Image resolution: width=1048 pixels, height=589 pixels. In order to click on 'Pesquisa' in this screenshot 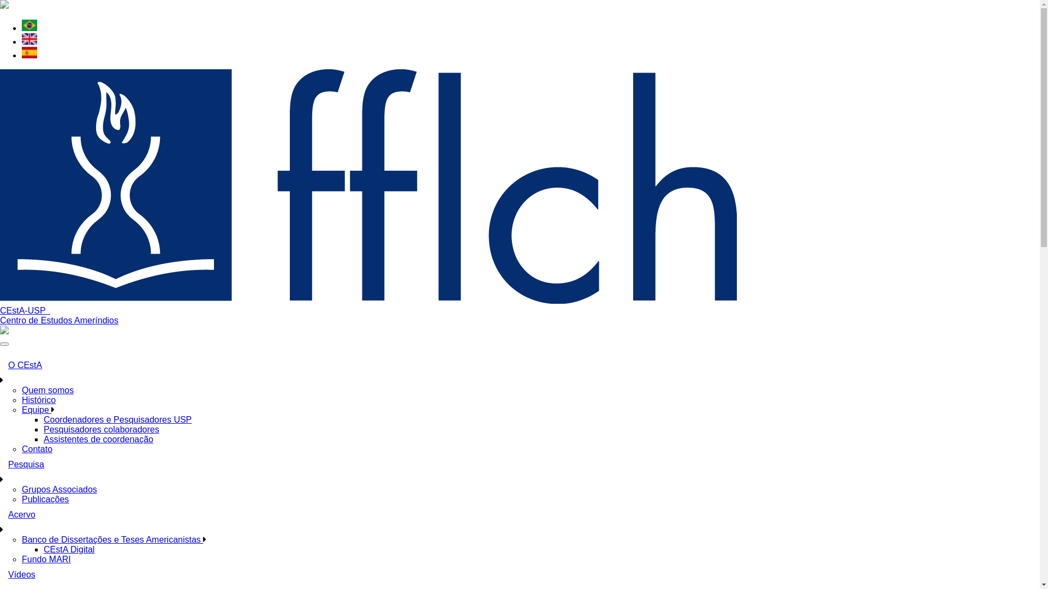, I will do `click(519, 465)`.